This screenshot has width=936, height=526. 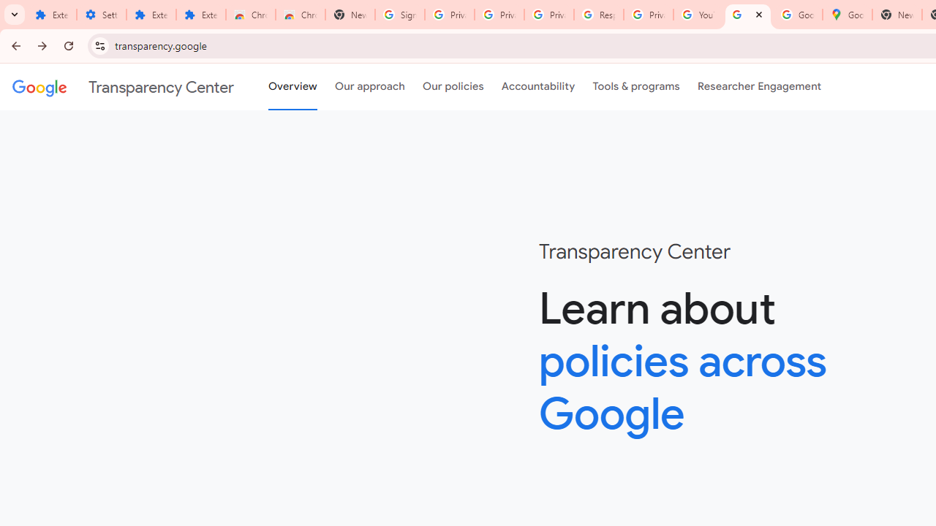 What do you see at coordinates (300, 15) in the screenshot?
I see `'Chrome Web Store - Themes'` at bounding box center [300, 15].